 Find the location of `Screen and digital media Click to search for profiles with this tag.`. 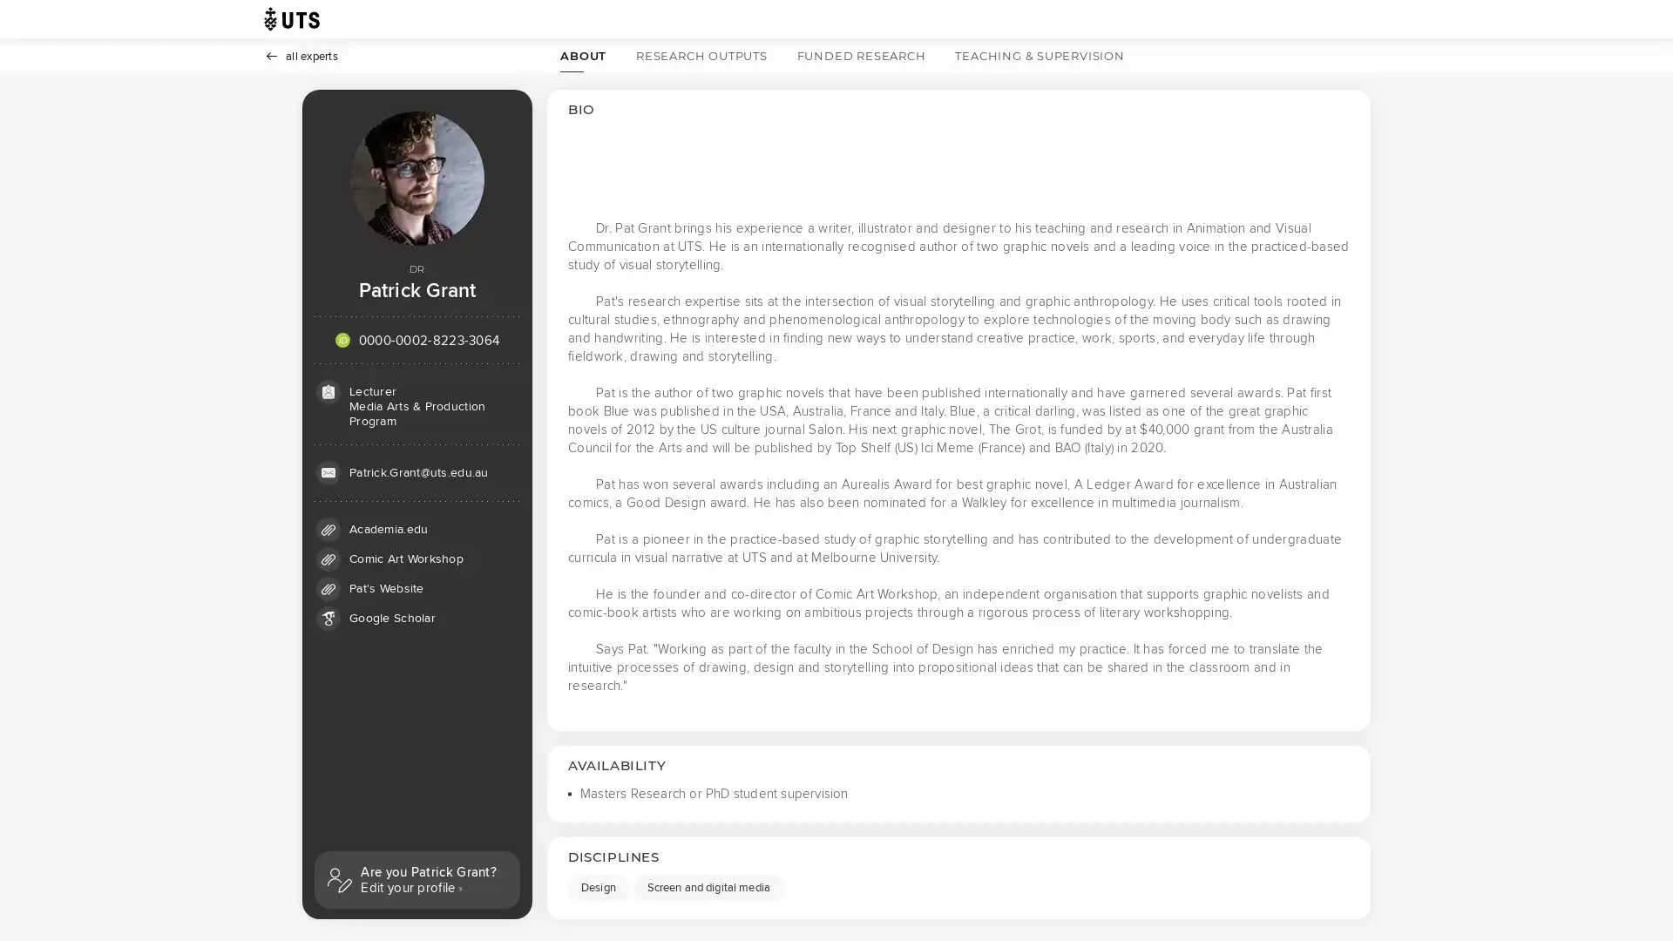

Screen and digital media Click to search for profiles with this tag. is located at coordinates (708, 887).